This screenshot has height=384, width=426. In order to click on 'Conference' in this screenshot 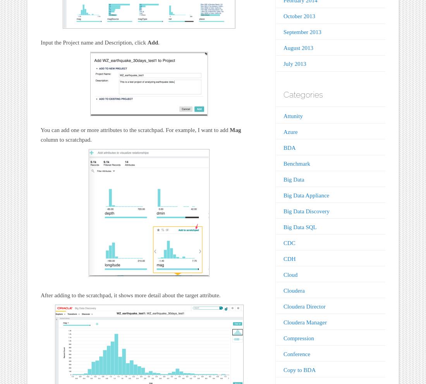, I will do `click(297, 353)`.